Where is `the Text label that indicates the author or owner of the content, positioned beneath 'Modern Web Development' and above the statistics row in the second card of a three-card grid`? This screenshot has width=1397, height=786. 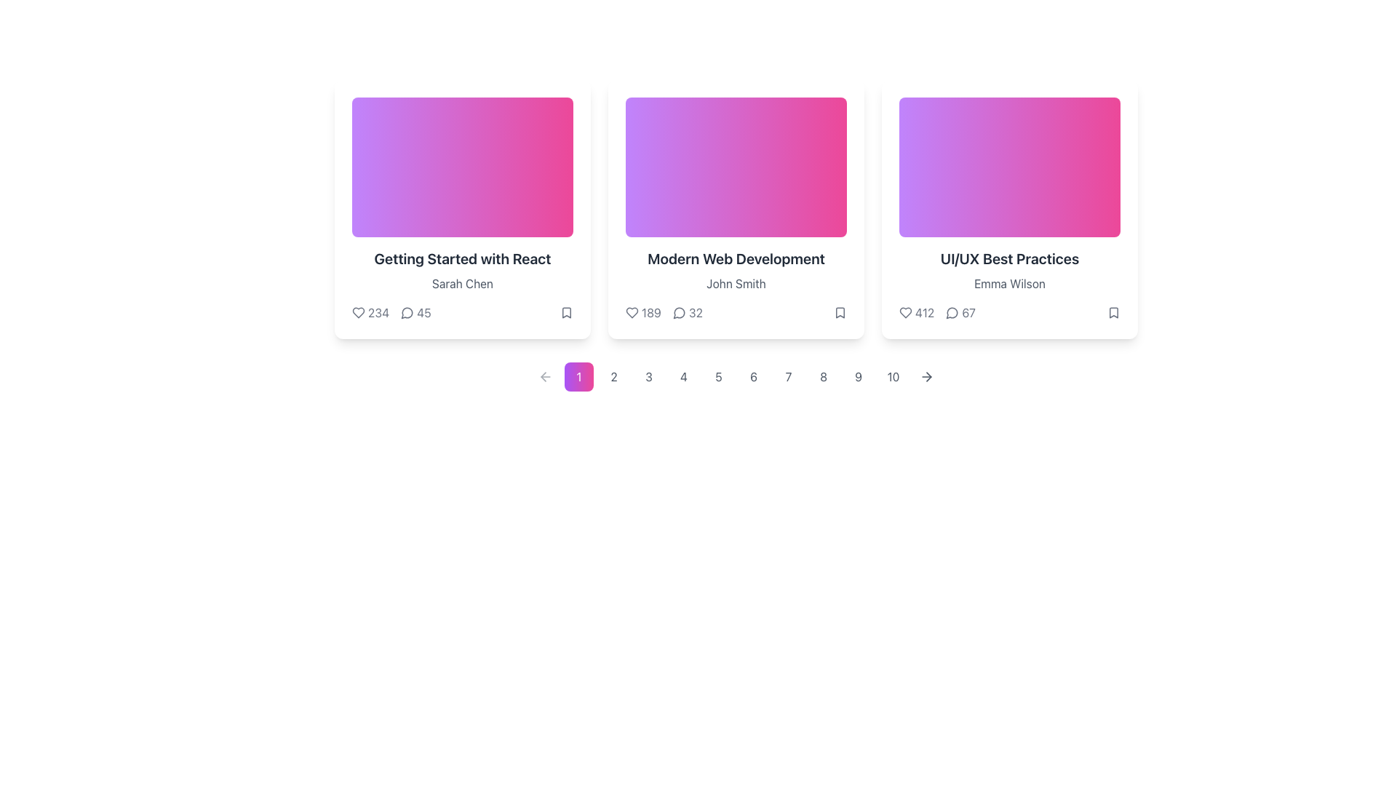
the Text label that indicates the author or owner of the content, positioned beneath 'Modern Web Development' and above the statistics row in the second card of a three-card grid is located at coordinates (736, 283).